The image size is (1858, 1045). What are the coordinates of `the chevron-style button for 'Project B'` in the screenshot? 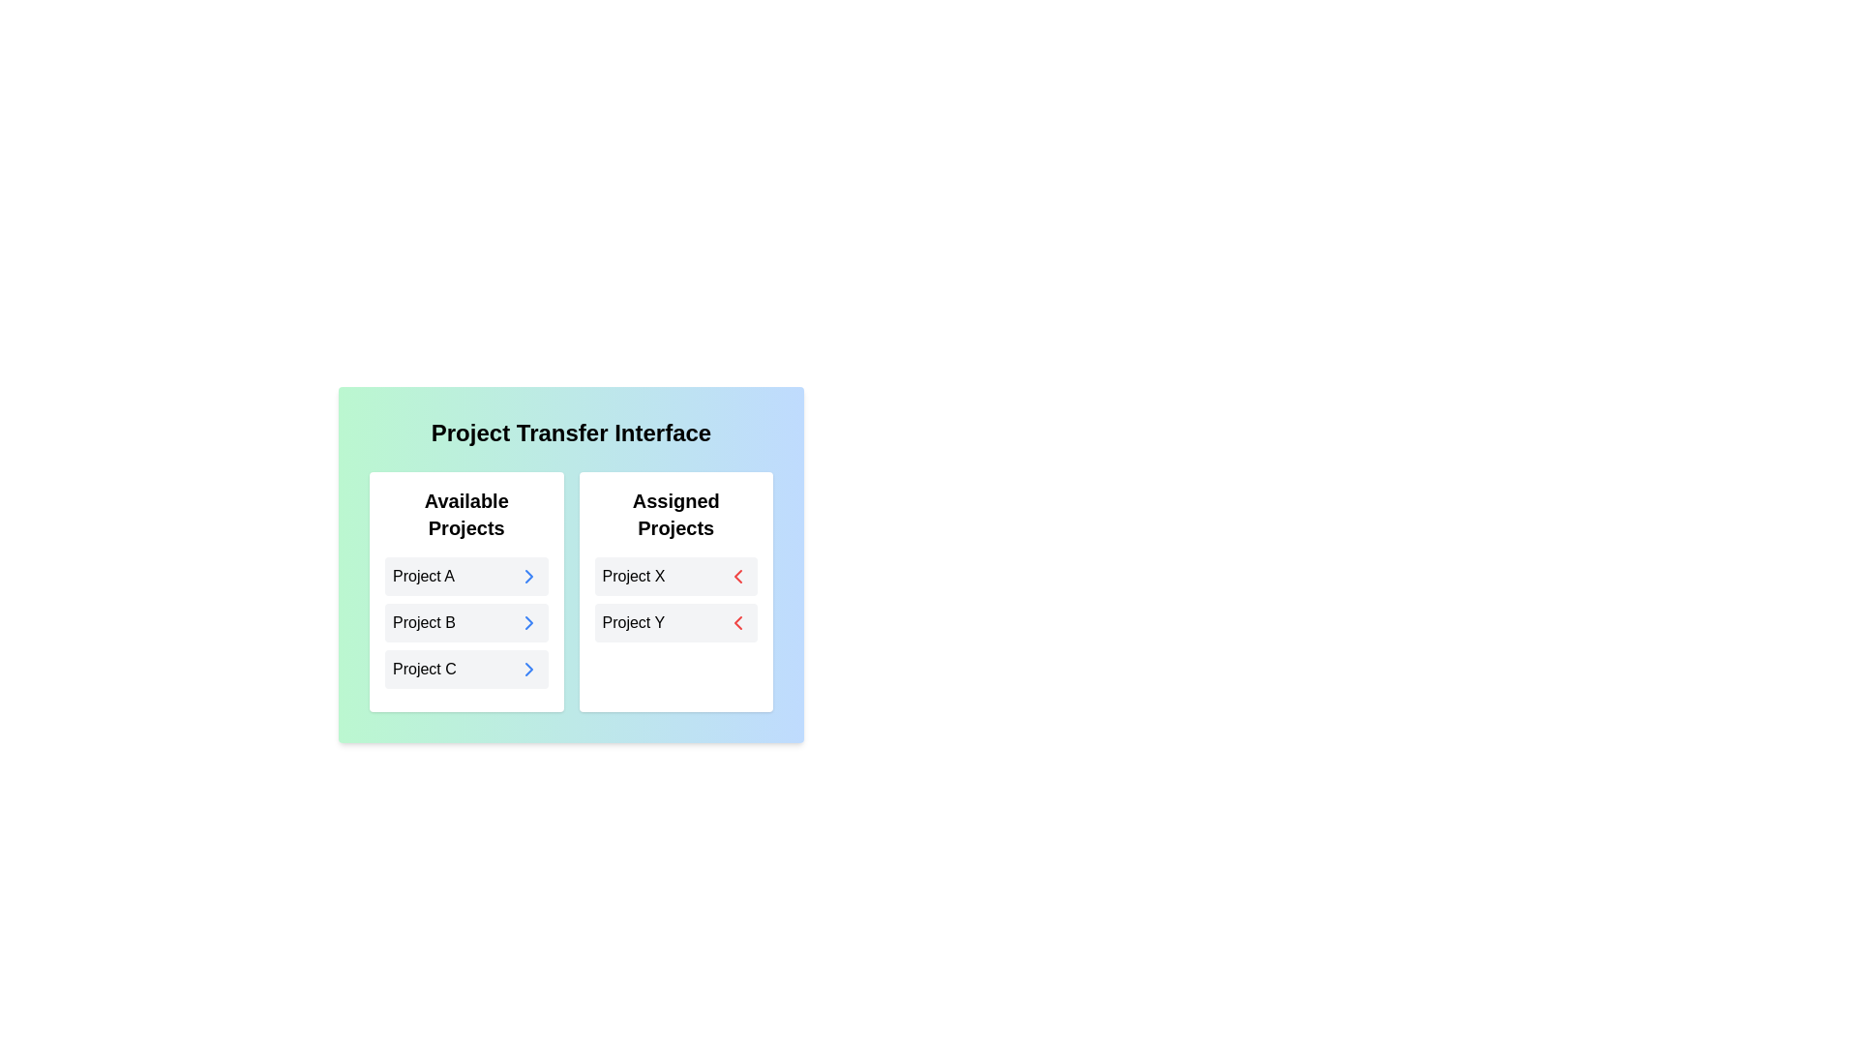 It's located at (528, 623).